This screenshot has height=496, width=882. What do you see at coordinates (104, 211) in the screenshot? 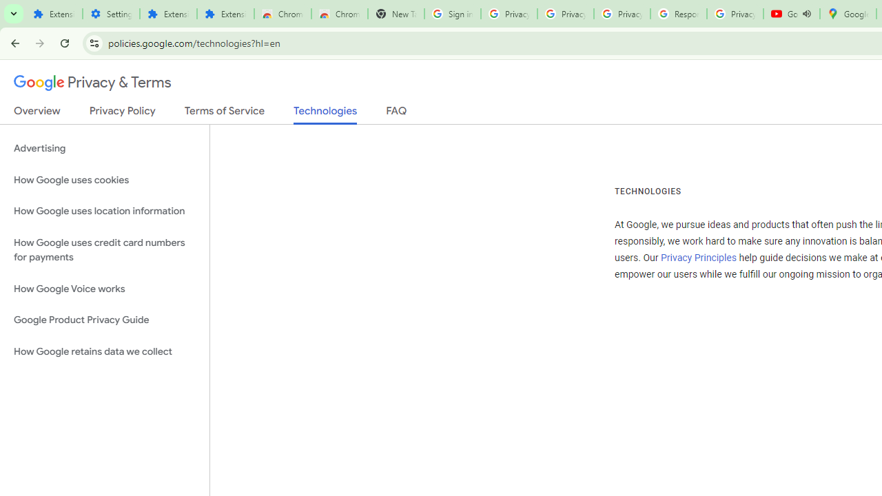
I see `'How Google uses location information'` at bounding box center [104, 211].